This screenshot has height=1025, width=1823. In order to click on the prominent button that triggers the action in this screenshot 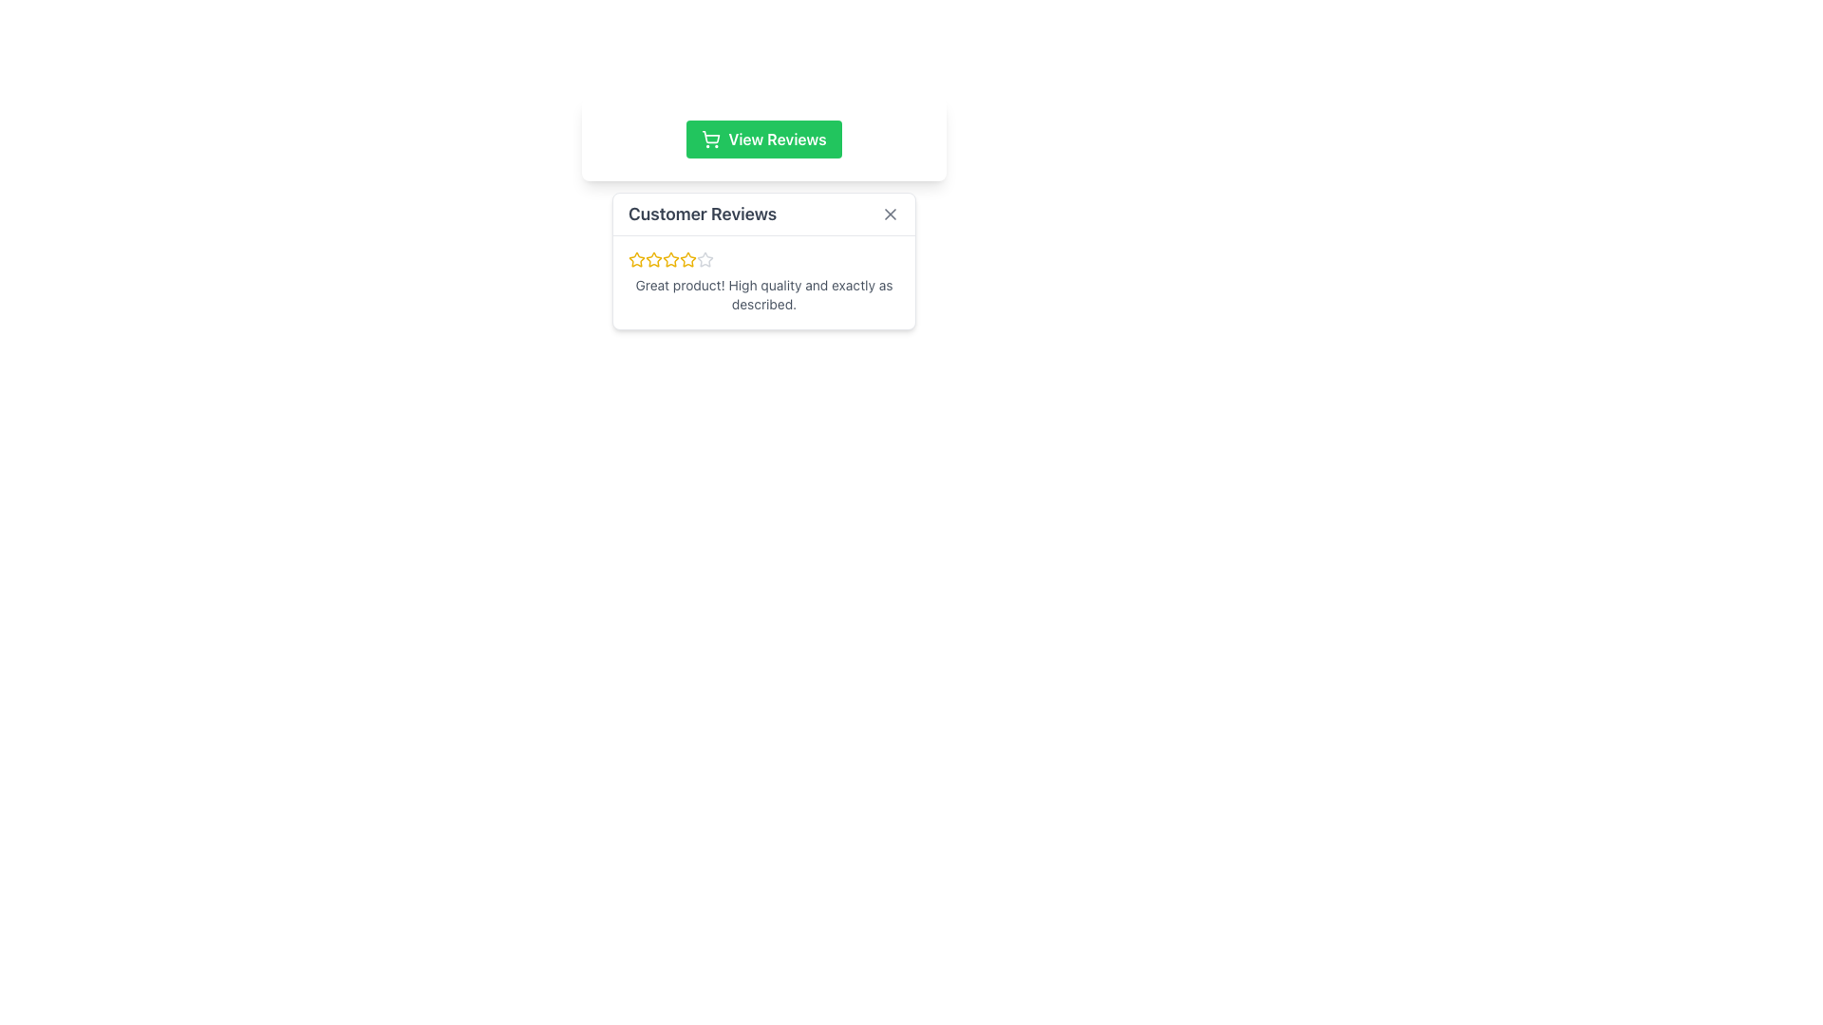, I will do `click(764, 138)`.